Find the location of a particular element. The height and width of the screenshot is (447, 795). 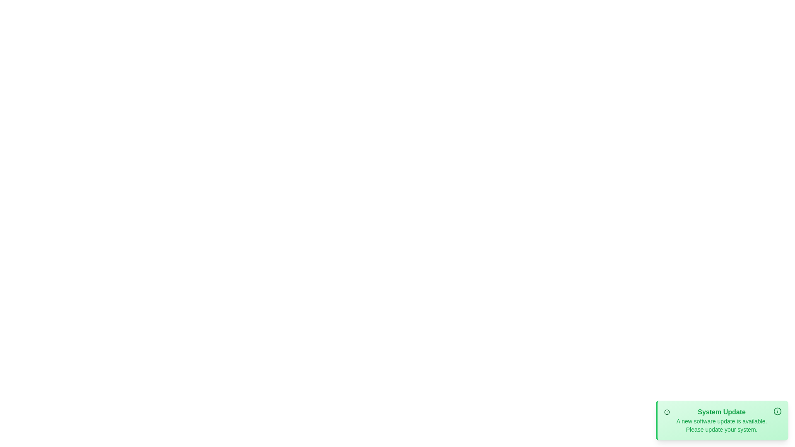

the alert icon to view its details or bring it into focus is located at coordinates (667, 412).